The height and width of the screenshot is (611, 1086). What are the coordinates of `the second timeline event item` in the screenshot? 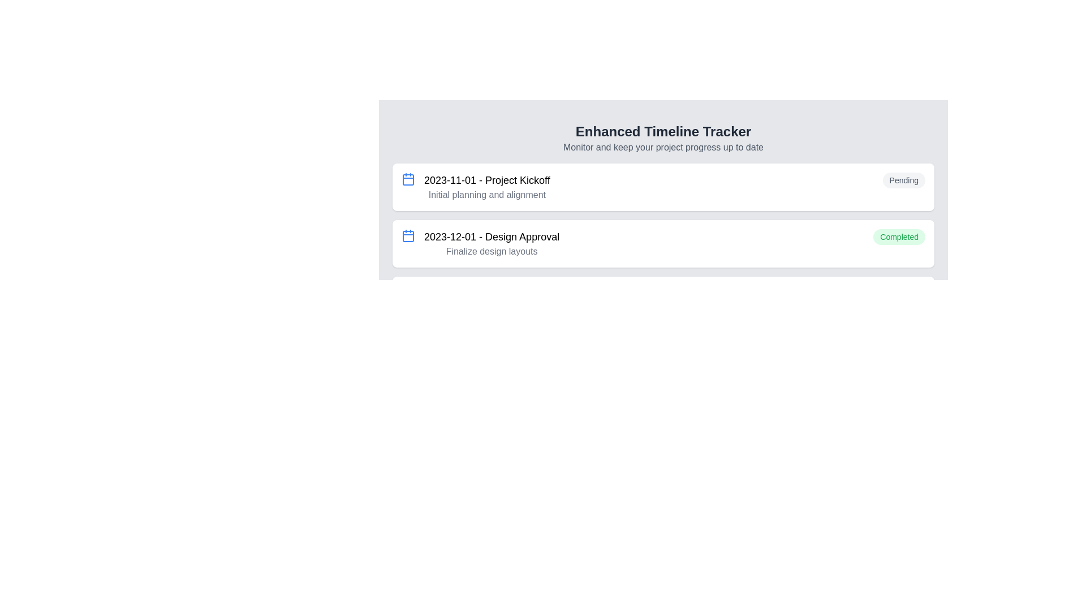 It's located at (663, 243).